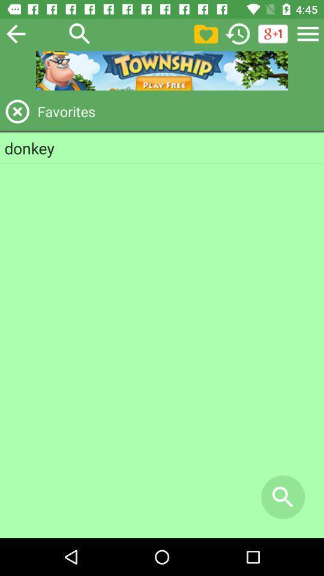 This screenshot has height=576, width=324. Describe the element at coordinates (15, 33) in the screenshot. I see `the arrow_backward icon` at that location.